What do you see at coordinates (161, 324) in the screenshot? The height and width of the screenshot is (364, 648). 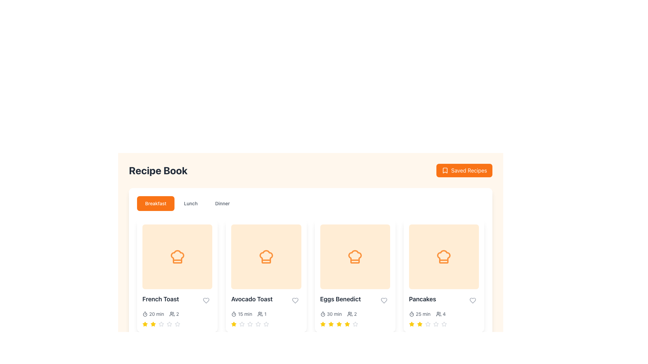 I see `the fourth star icon in the rating component below the 'French Toast' card to assign a rating of four stars` at bounding box center [161, 324].